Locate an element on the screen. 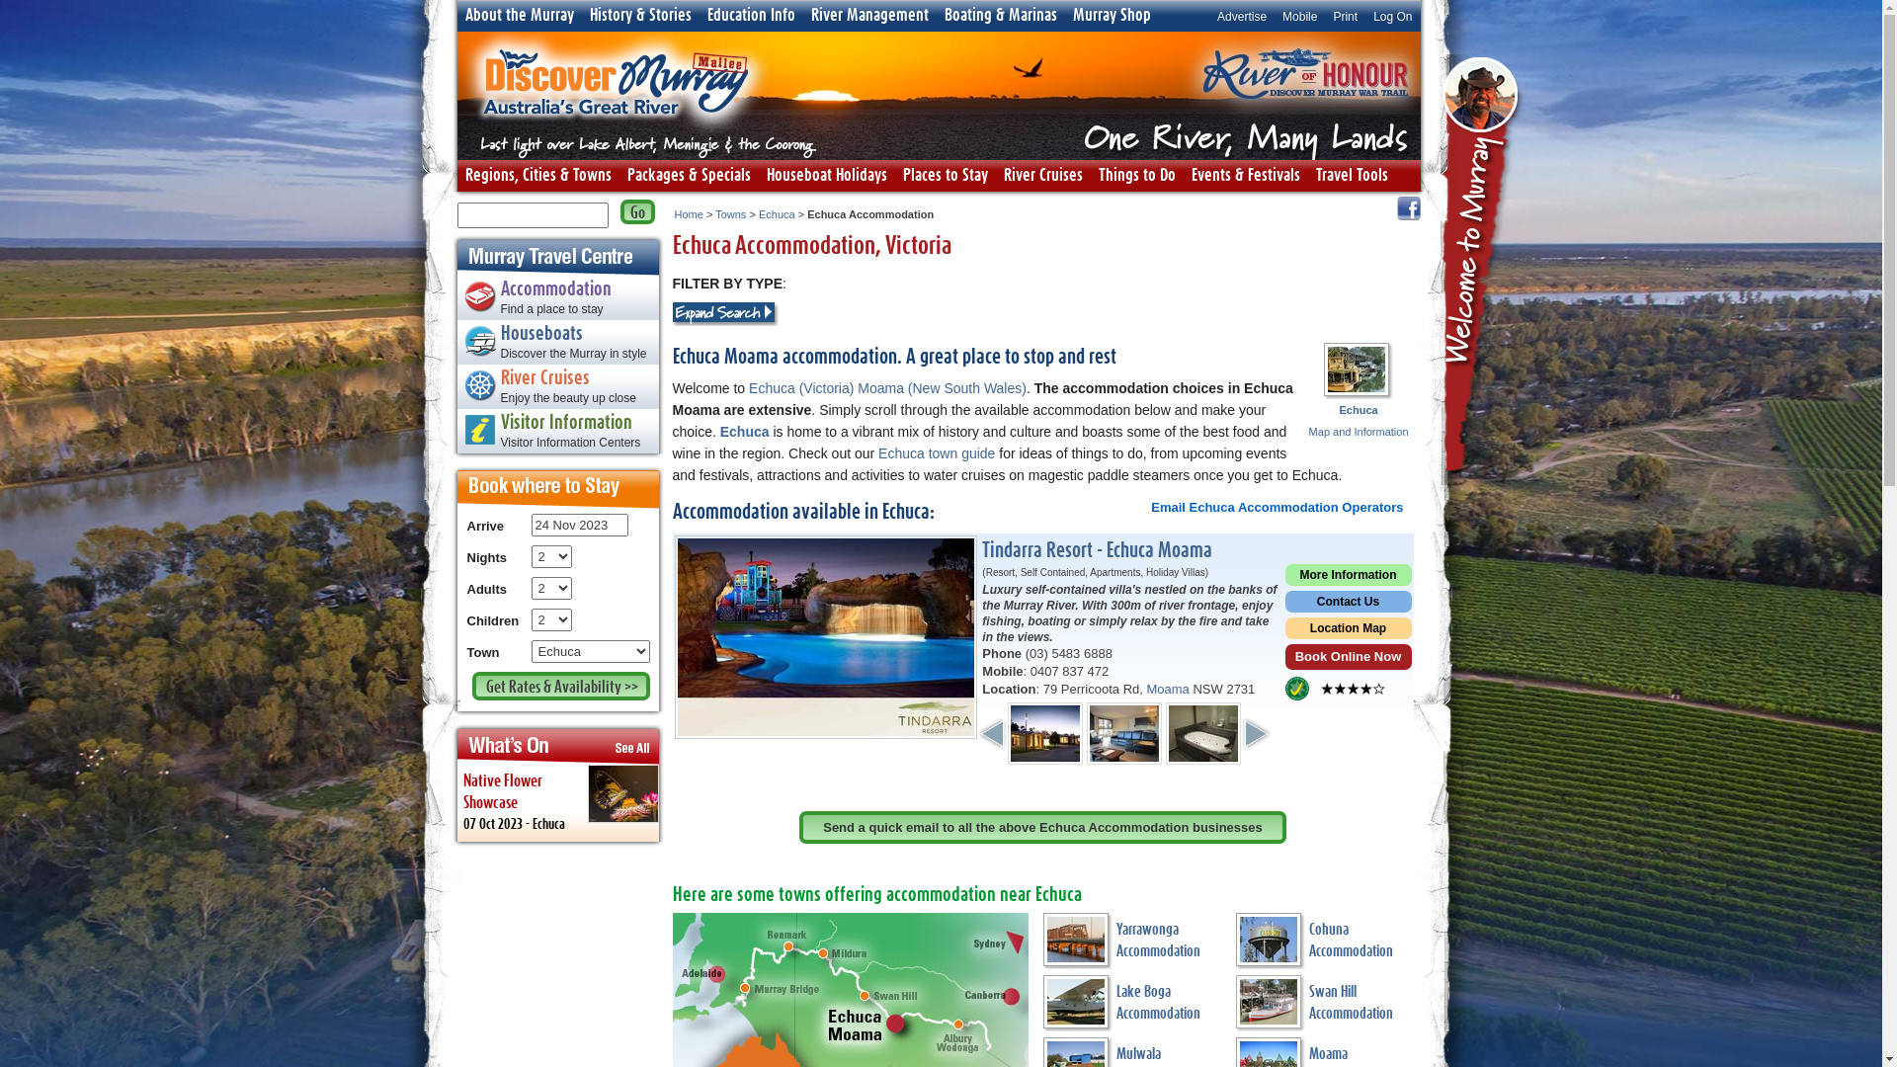 This screenshot has width=1897, height=1067. '24 Nov 2023' is located at coordinates (578, 524).